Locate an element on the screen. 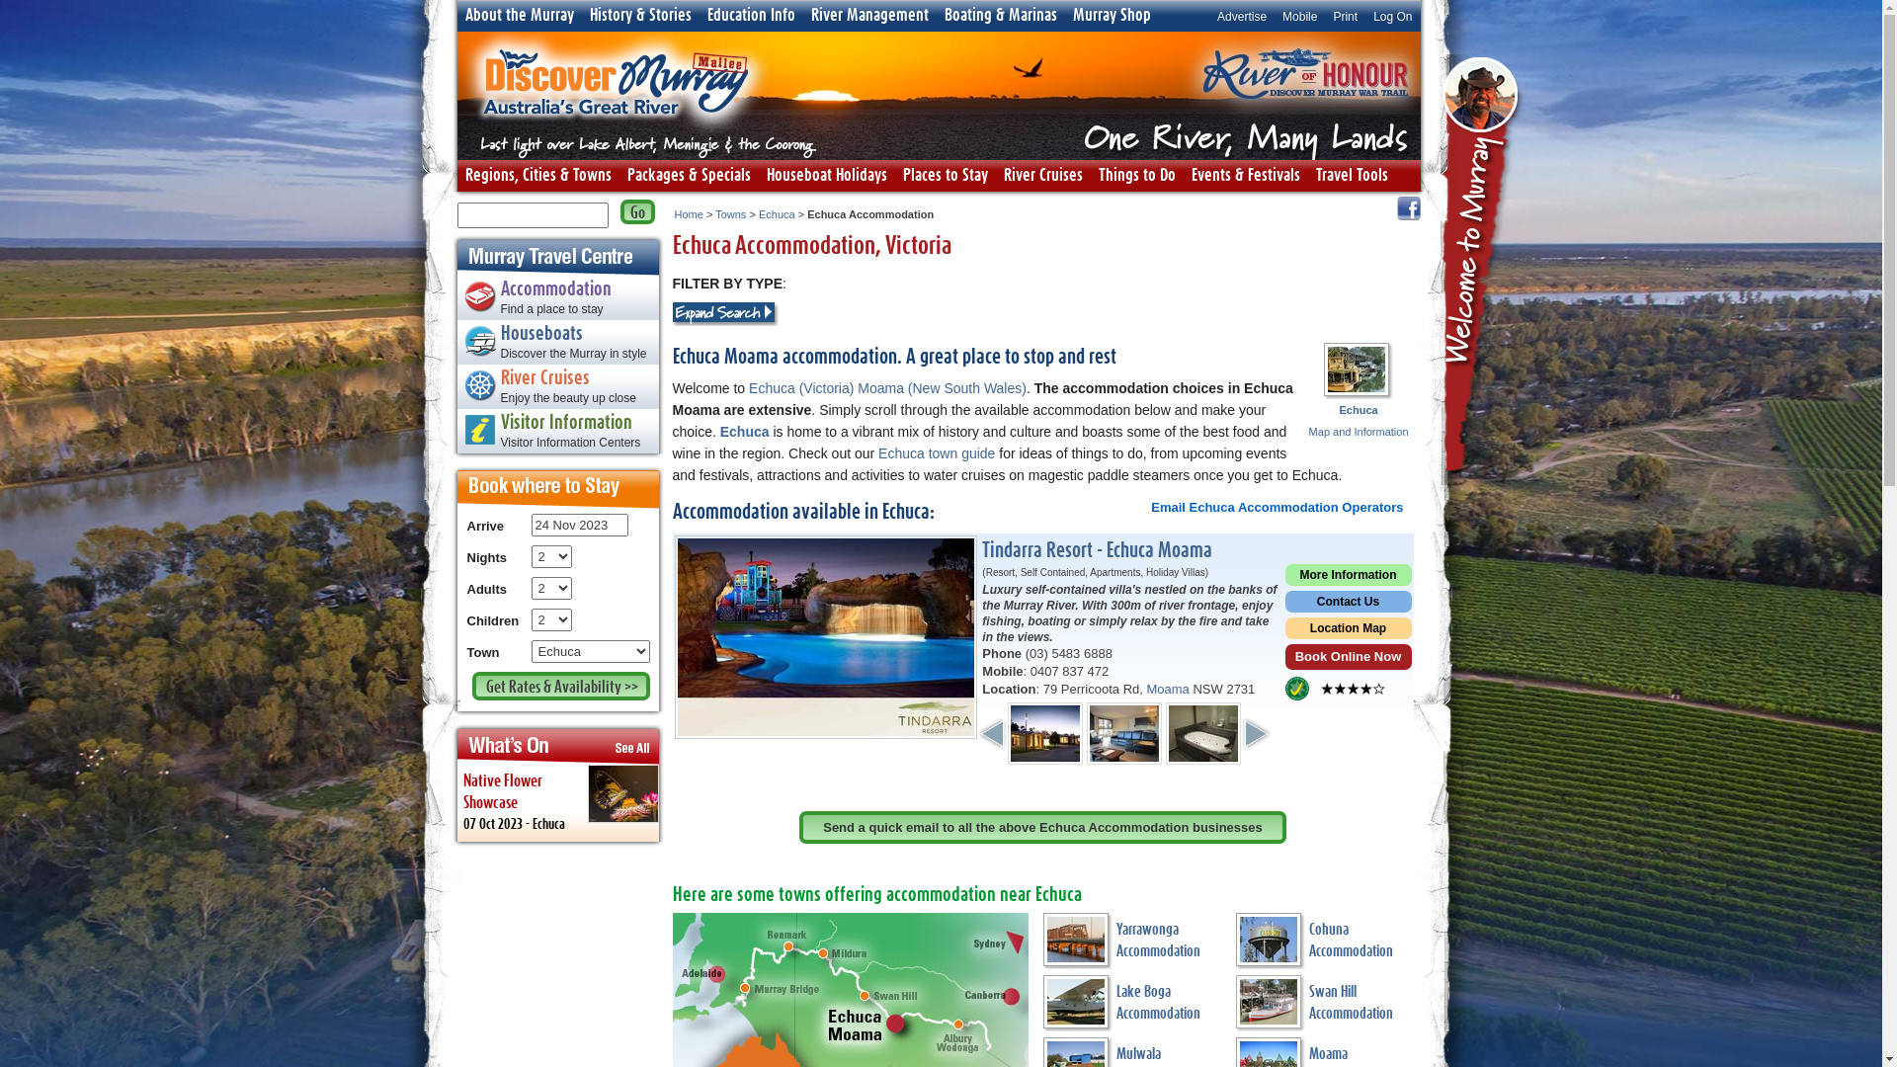 This screenshot has width=1897, height=1067. '24 Nov 2023' is located at coordinates (578, 524).